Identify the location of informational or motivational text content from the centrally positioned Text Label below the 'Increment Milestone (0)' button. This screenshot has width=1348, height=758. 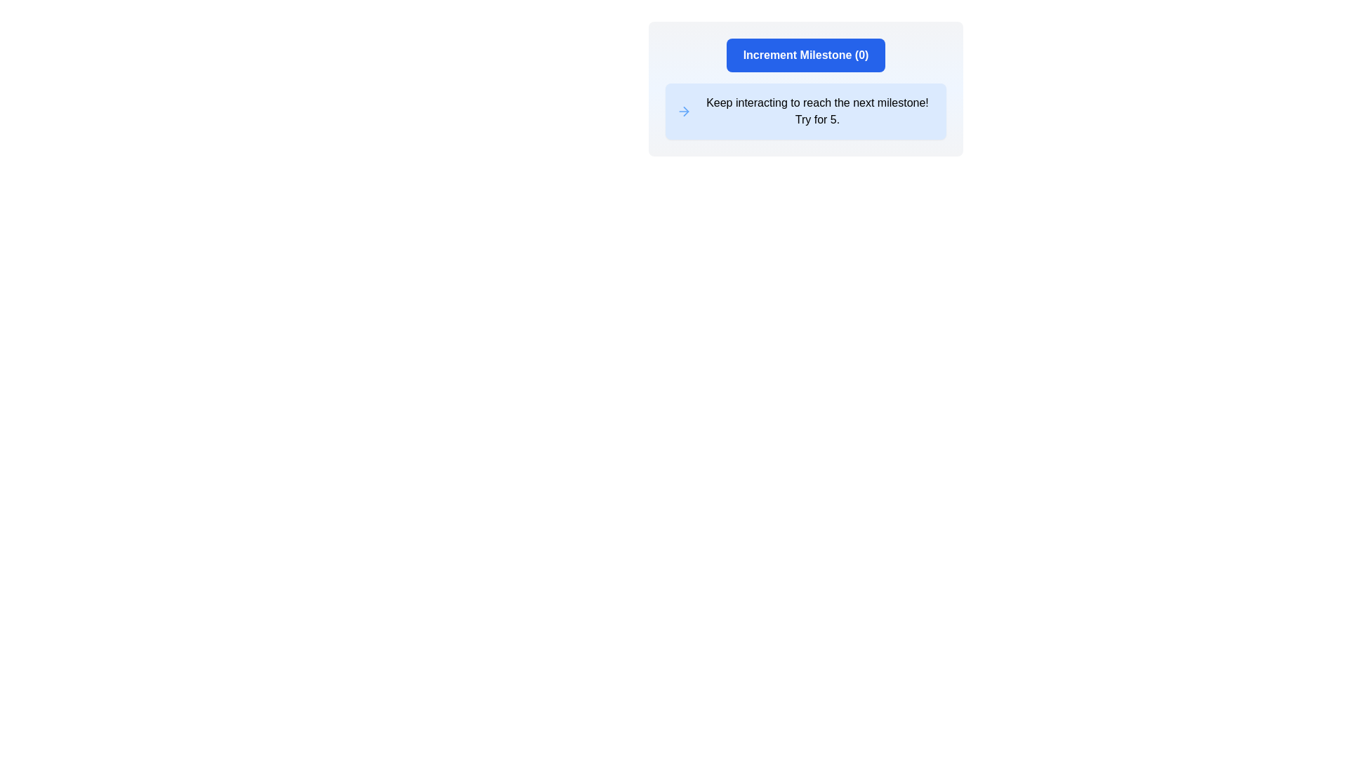
(817, 110).